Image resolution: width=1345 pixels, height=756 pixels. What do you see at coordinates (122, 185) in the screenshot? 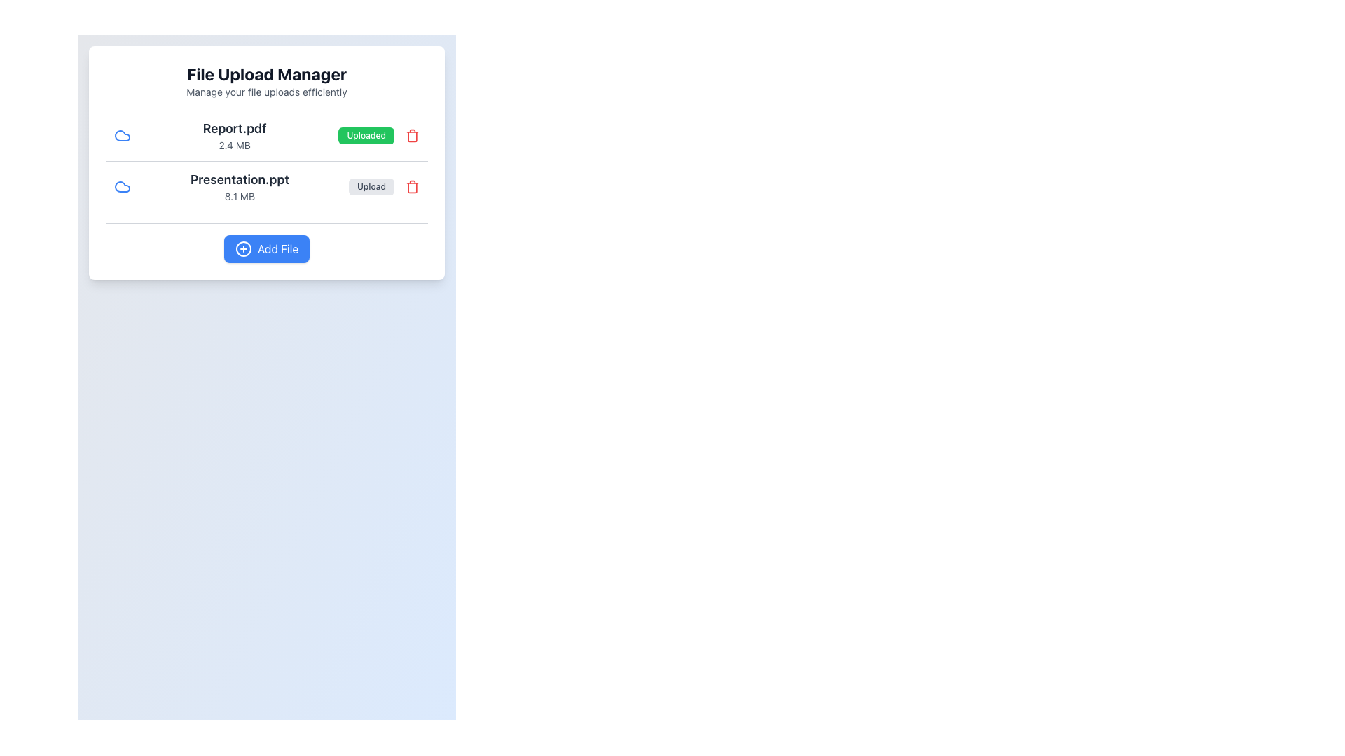
I see `the blue cloud-shaped icon located near the top-left of the panel, preceding the text 'Report.pdf'` at bounding box center [122, 185].